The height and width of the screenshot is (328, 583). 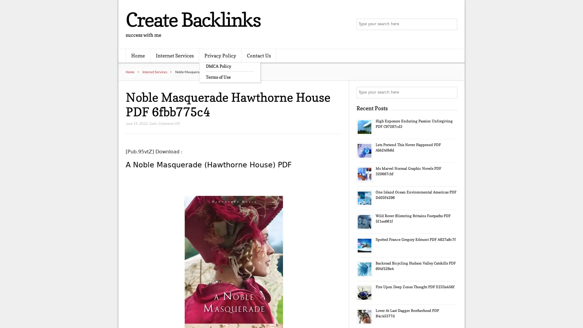 What do you see at coordinates (451, 24) in the screenshot?
I see `Search` at bounding box center [451, 24].